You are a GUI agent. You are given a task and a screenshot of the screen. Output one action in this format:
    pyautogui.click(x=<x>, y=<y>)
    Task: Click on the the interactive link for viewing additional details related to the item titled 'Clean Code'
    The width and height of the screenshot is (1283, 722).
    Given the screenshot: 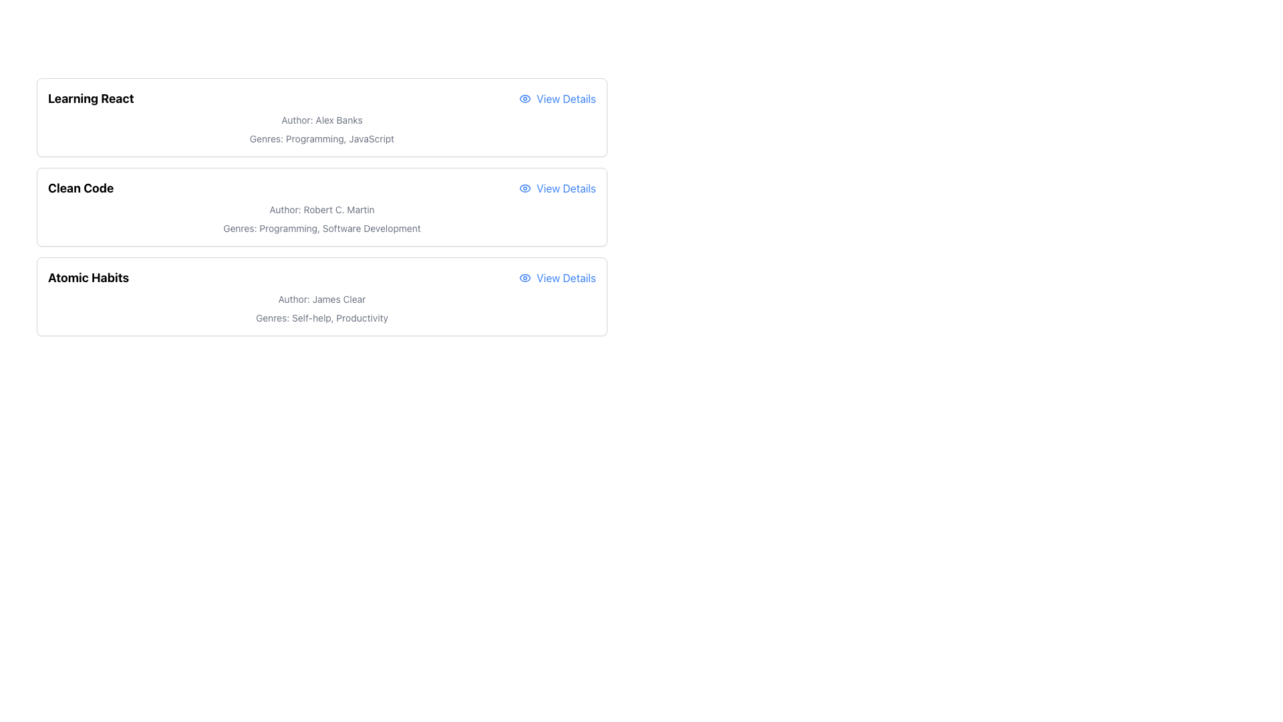 What is the action you would take?
    pyautogui.click(x=557, y=188)
    